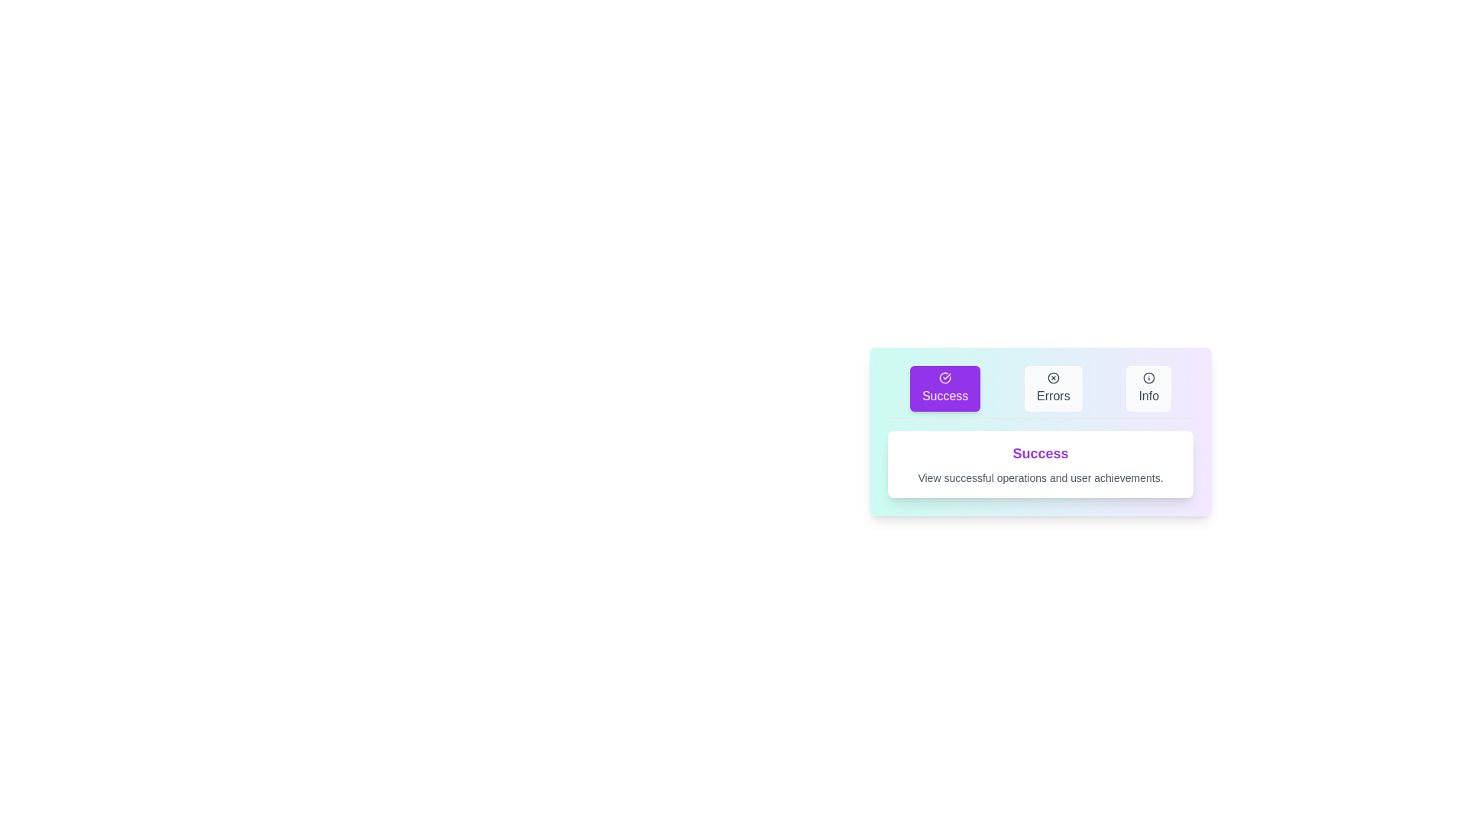  What do you see at coordinates (945, 388) in the screenshot?
I see `the Success tab` at bounding box center [945, 388].